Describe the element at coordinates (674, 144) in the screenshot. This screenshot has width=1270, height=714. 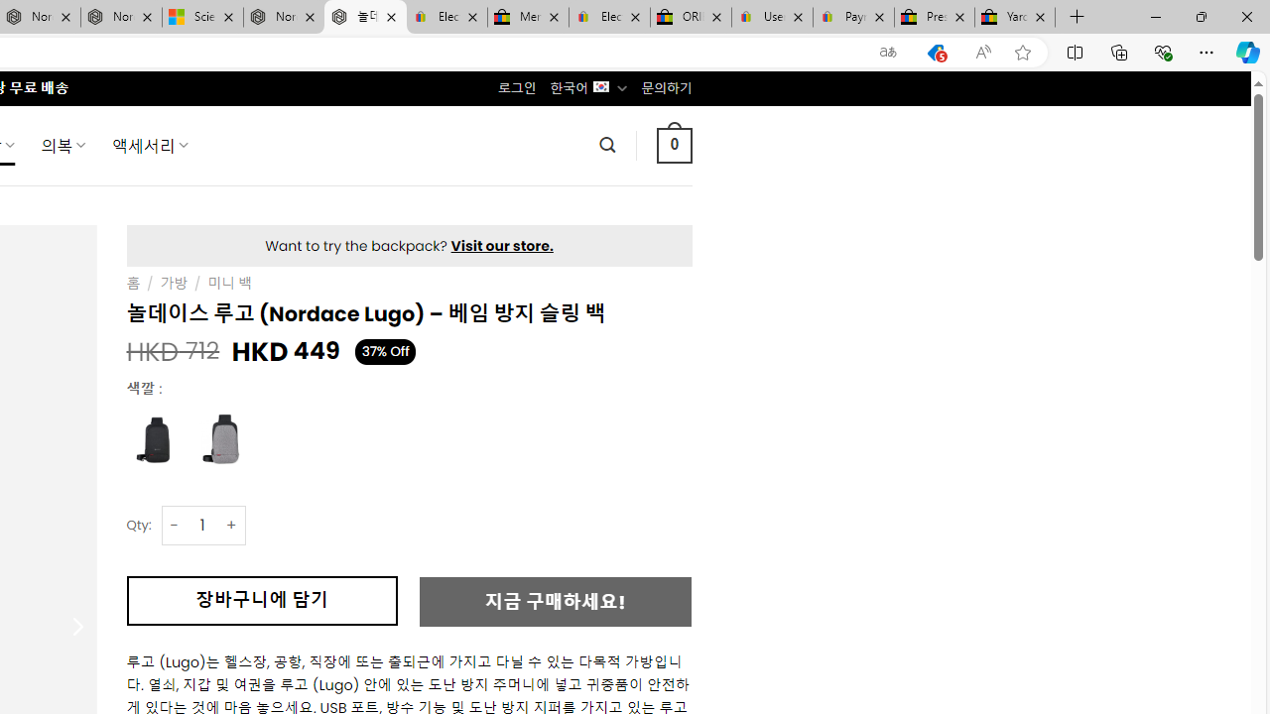
I see `'  0  '` at that location.